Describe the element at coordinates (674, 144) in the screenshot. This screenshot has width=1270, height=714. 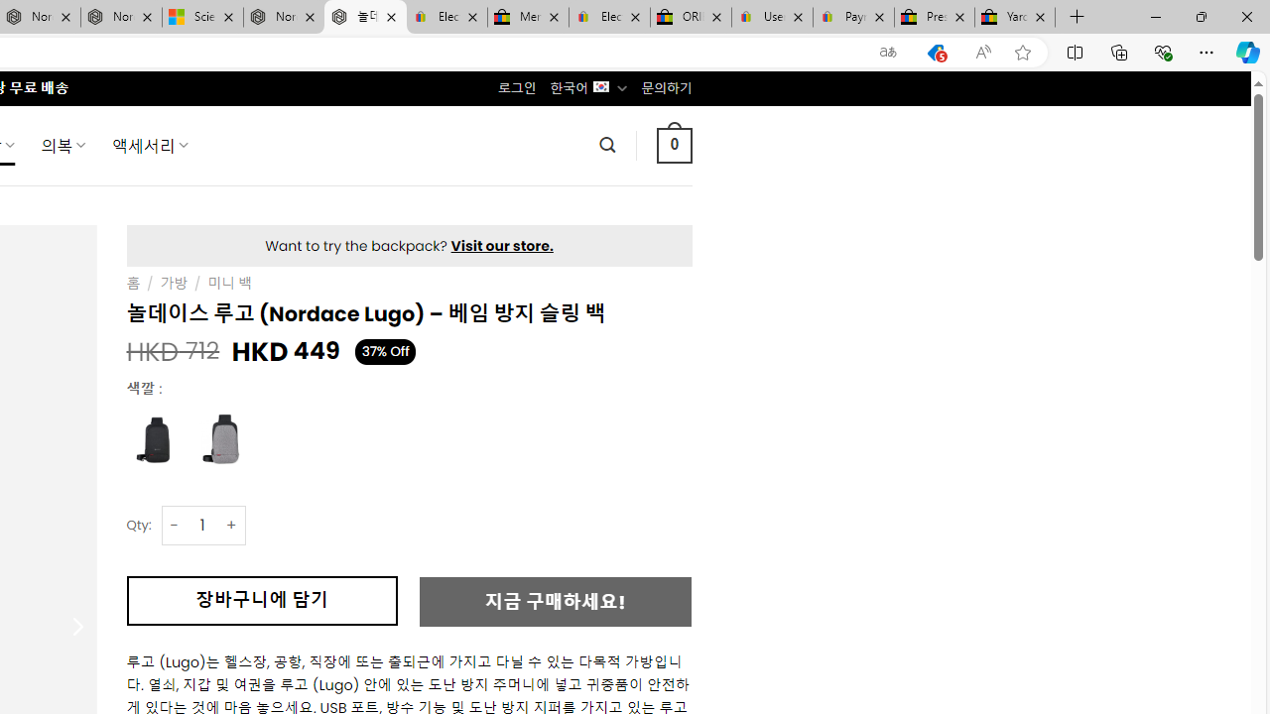
I see `'  0  '` at that location.